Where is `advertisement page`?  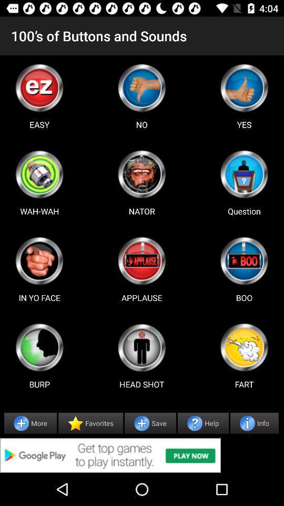 advertisement page is located at coordinates (142, 455).